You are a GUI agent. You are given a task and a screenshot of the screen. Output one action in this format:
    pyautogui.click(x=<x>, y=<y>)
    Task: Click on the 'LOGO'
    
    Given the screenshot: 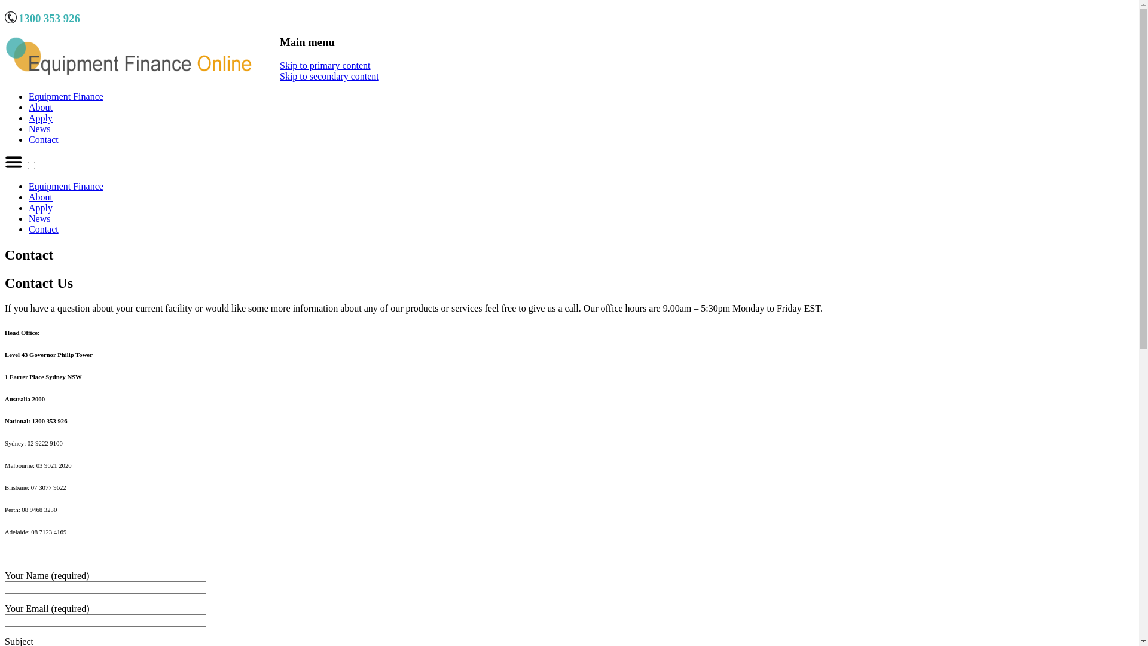 What is the action you would take?
    pyautogui.click(x=130, y=57)
    